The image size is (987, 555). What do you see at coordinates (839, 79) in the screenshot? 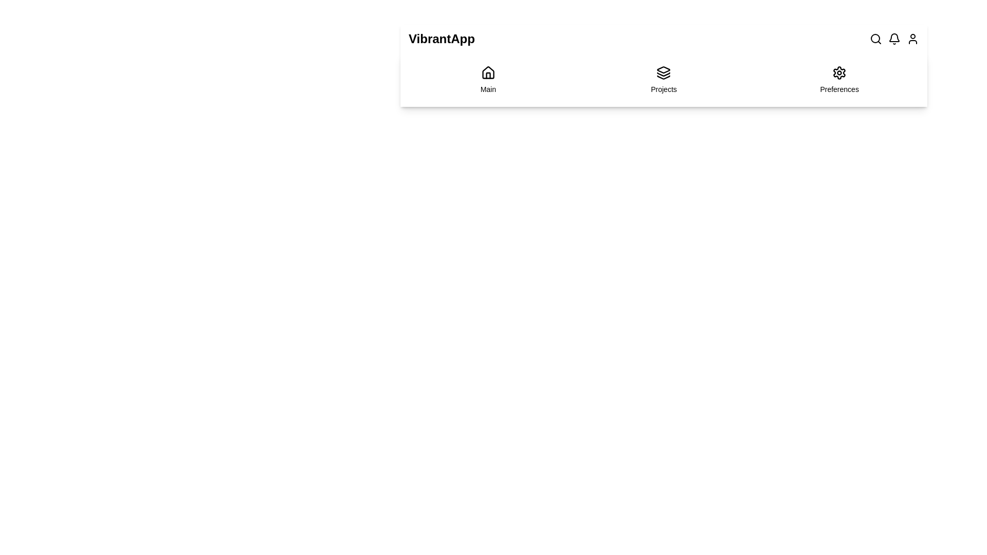
I see `the Preferences navigation item to access preferences` at bounding box center [839, 79].